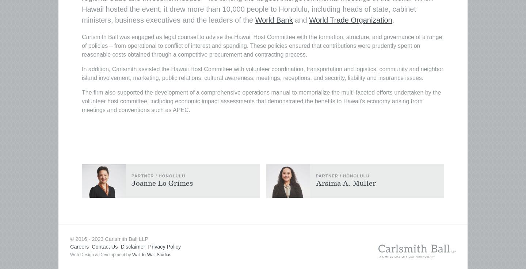 This screenshot has height=269, width=526. Describe the element at coordinates (162, 183) in the screenshot. I see `'Joanne Lo Grimes'` at that location.